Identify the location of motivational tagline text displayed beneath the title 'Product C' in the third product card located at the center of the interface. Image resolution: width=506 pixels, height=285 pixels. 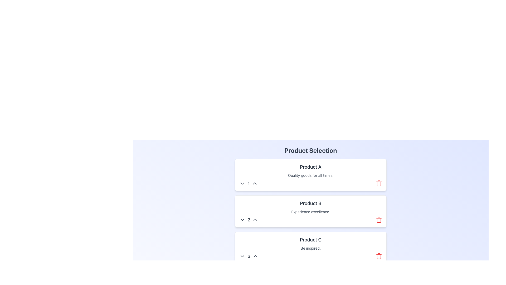
(311, 248).